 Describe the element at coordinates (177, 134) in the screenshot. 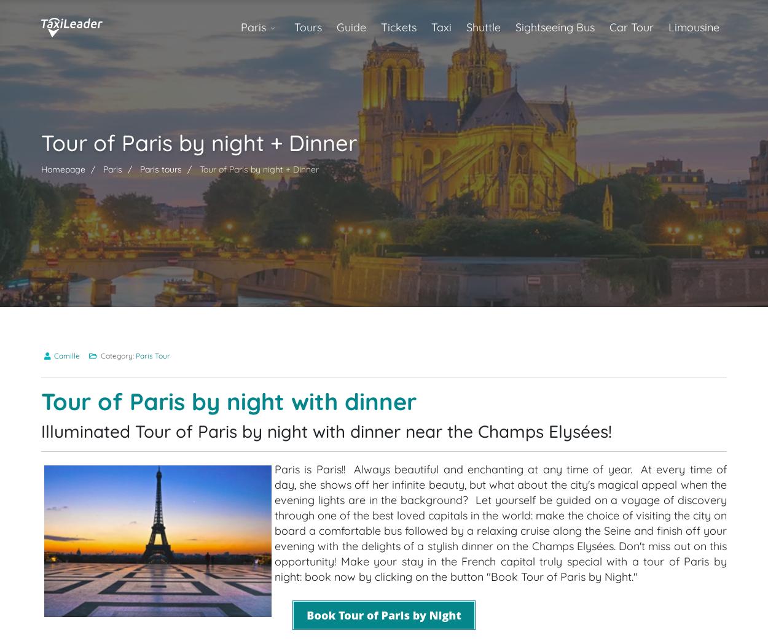

I see `'What to expect from the Tour by Night'` at that location.